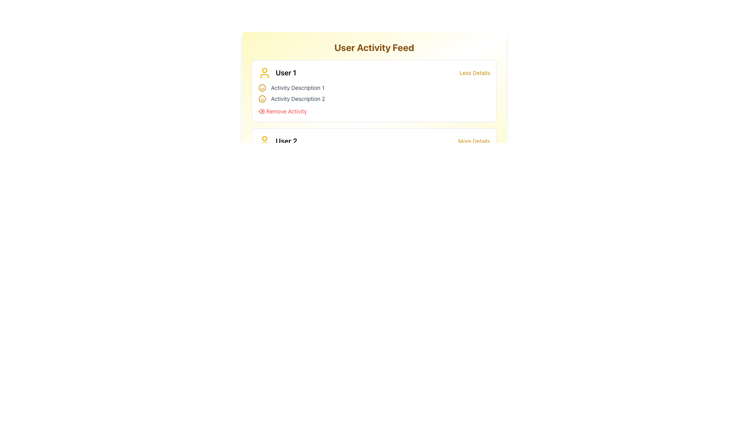 This screenshot has height=424, width=754. I want to click on the toggle link located to the right of the user title 'User 1' to reduce the visibility of additional user details, so click(474, 73).